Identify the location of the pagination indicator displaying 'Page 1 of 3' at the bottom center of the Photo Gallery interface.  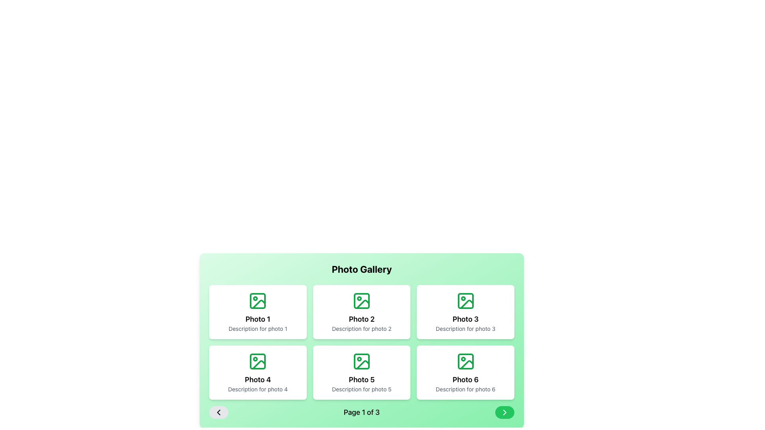
(361, 412).